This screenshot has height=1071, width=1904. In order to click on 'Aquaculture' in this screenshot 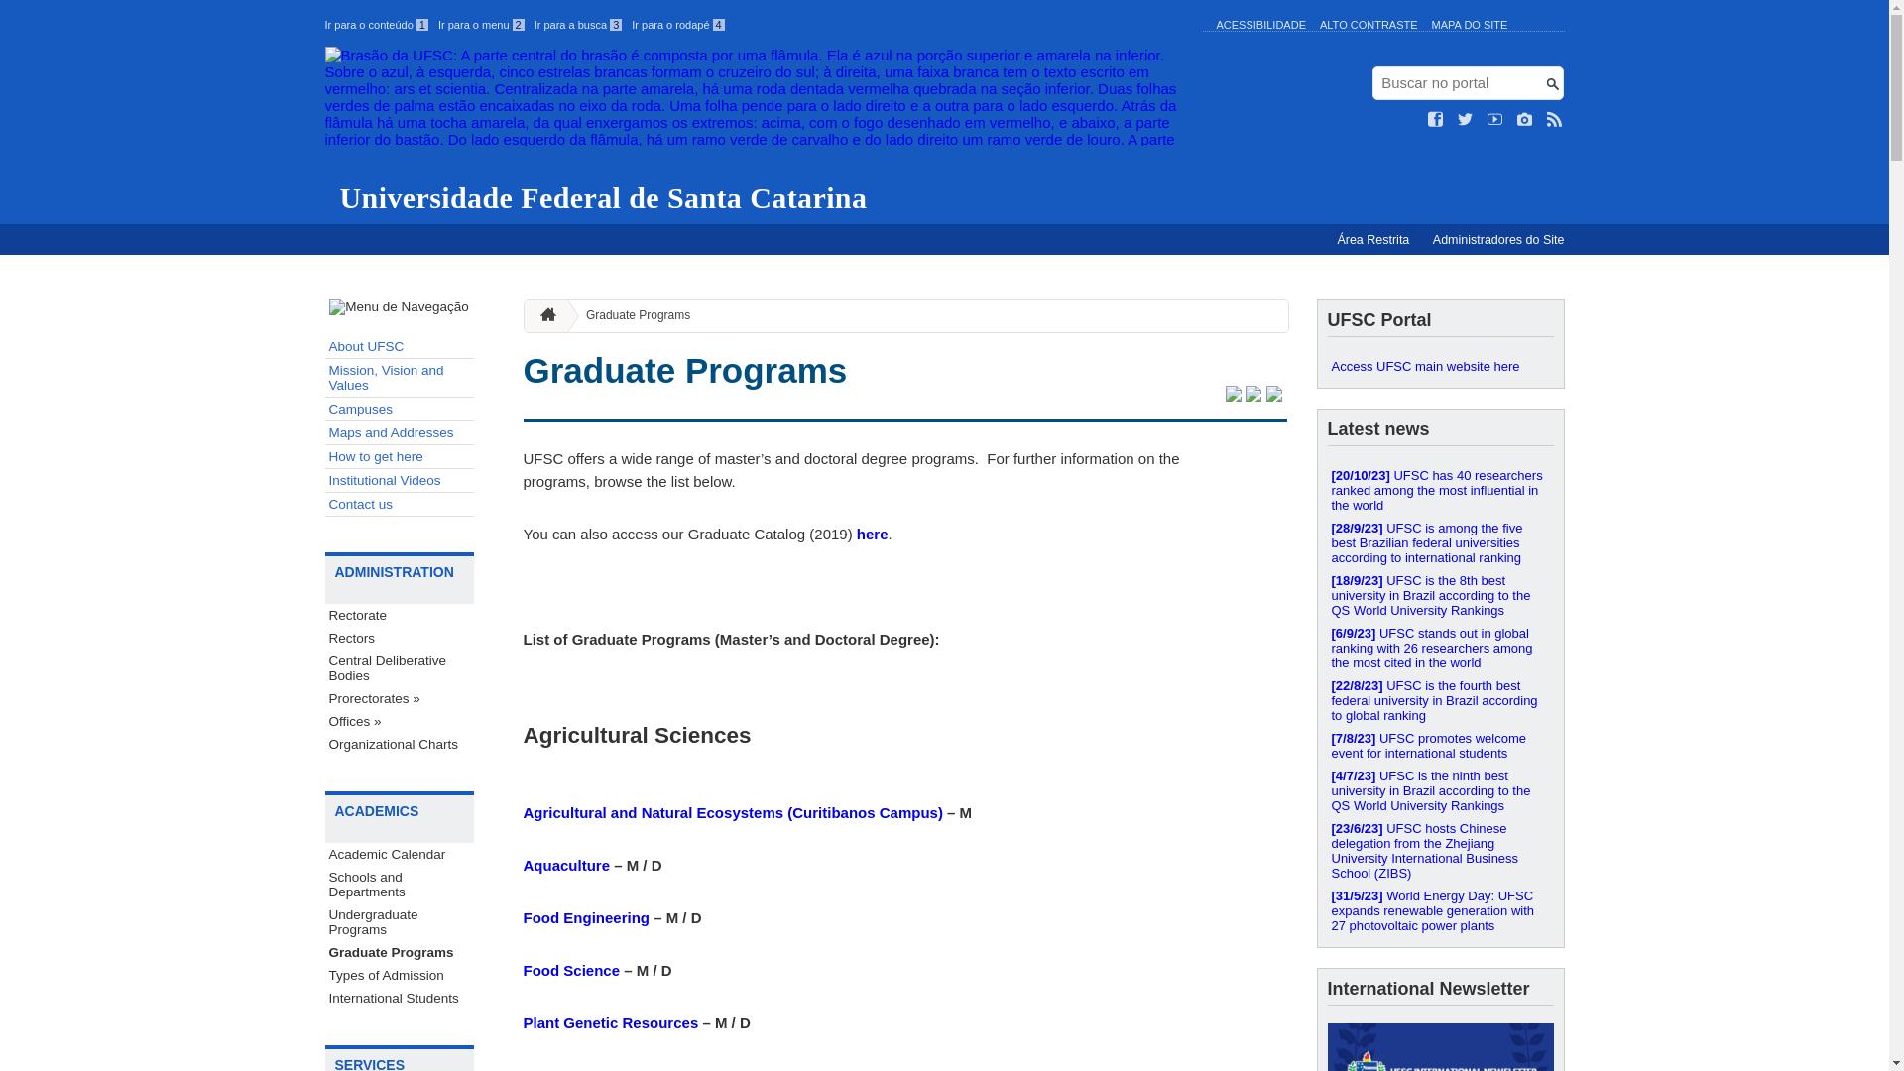, I will do `click(565, 864)`.